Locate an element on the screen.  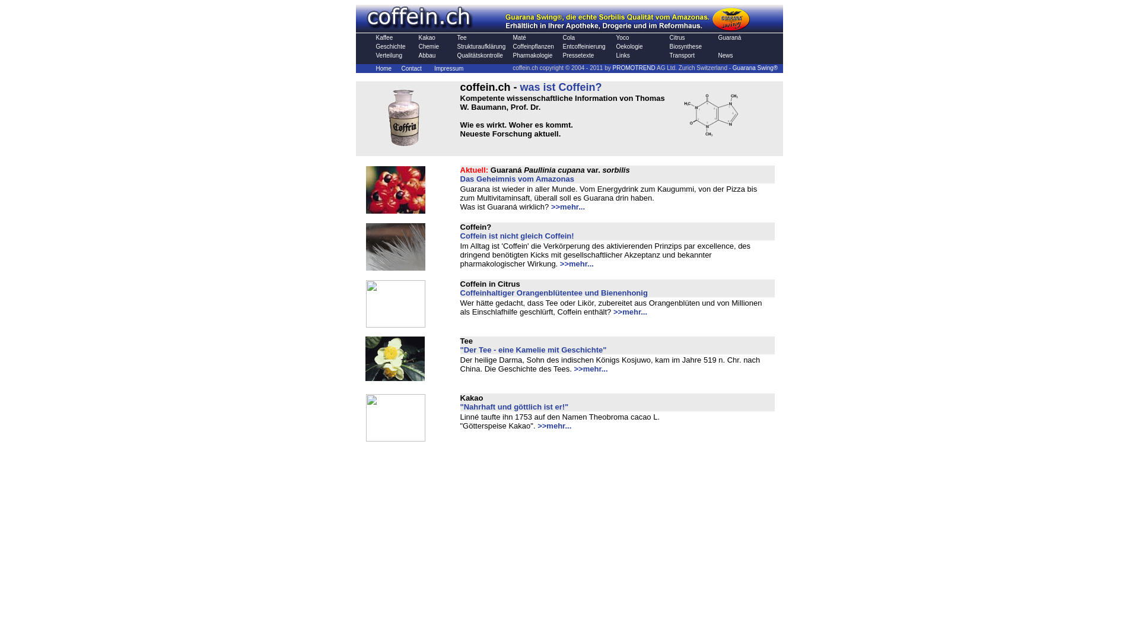
'Coffeinpflanzen' is located at coordinates (532, 46).